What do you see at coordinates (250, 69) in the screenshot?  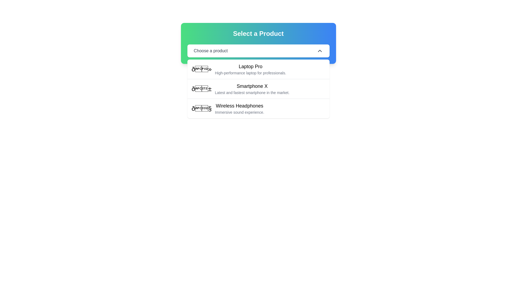 I see `the selectable text block for the product 'Laptop Pro' in the dropdown menu under 'Select a Product'` at bounding box center [250, 69].